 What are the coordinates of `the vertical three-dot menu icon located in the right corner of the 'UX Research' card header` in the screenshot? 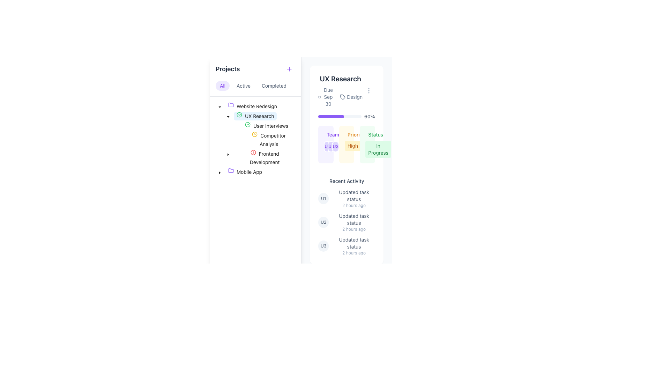 It's located at (368, 90).